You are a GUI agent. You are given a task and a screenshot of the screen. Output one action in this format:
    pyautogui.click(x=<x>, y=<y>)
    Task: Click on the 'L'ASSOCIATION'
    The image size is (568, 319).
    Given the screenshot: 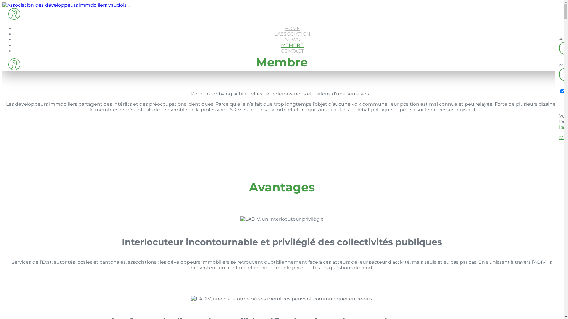 What is the action you would take?
    pyautogui.click(x=292, y=34)
    